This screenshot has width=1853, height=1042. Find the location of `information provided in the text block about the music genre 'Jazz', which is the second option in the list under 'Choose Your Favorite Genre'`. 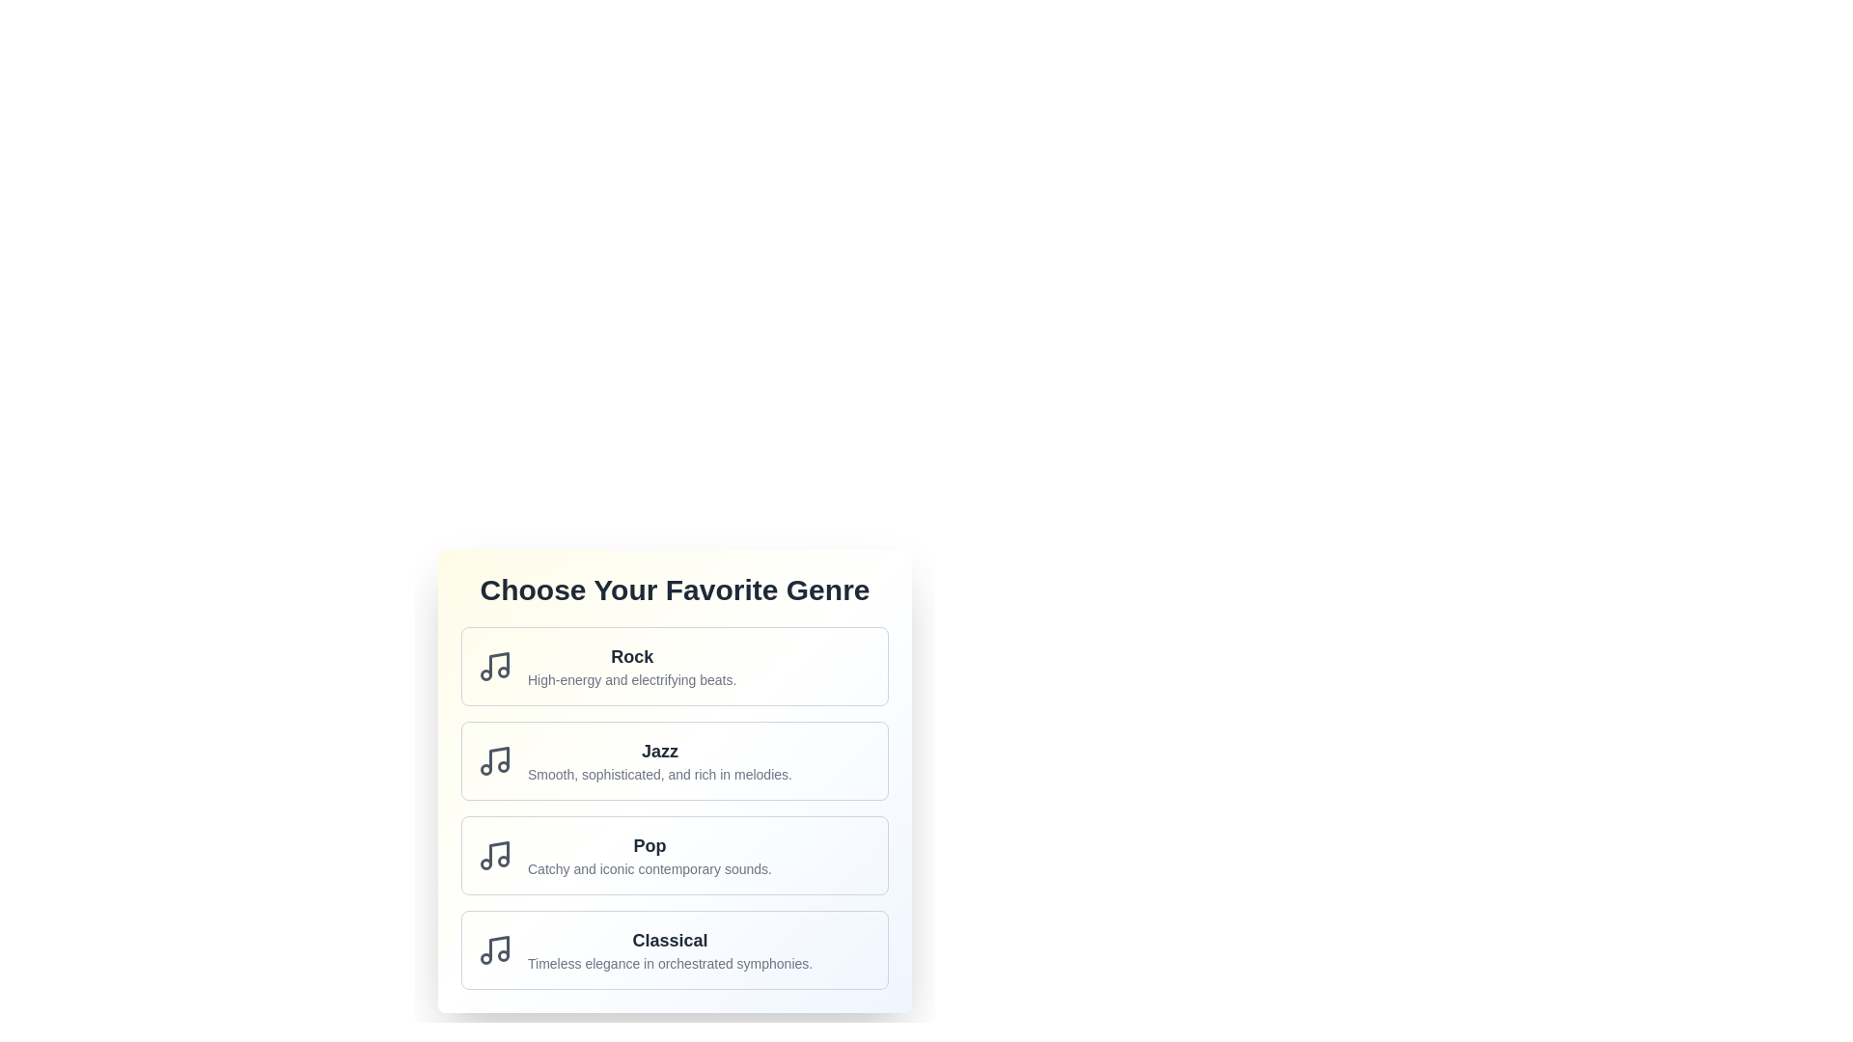

information provided in the text block about the music genre 'Jazz', which is the second option in the list under 'Choose Your Favorite Genre' is located at coordinates (659, 760).